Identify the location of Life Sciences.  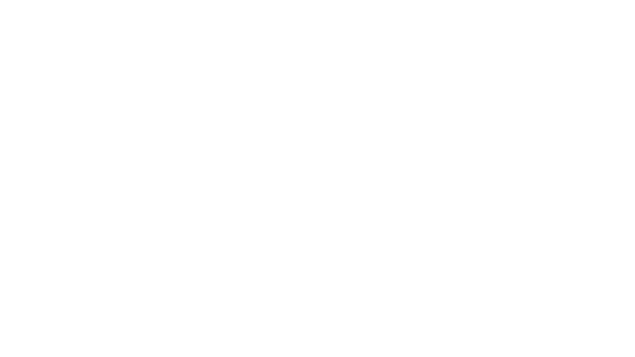
(255, 337).